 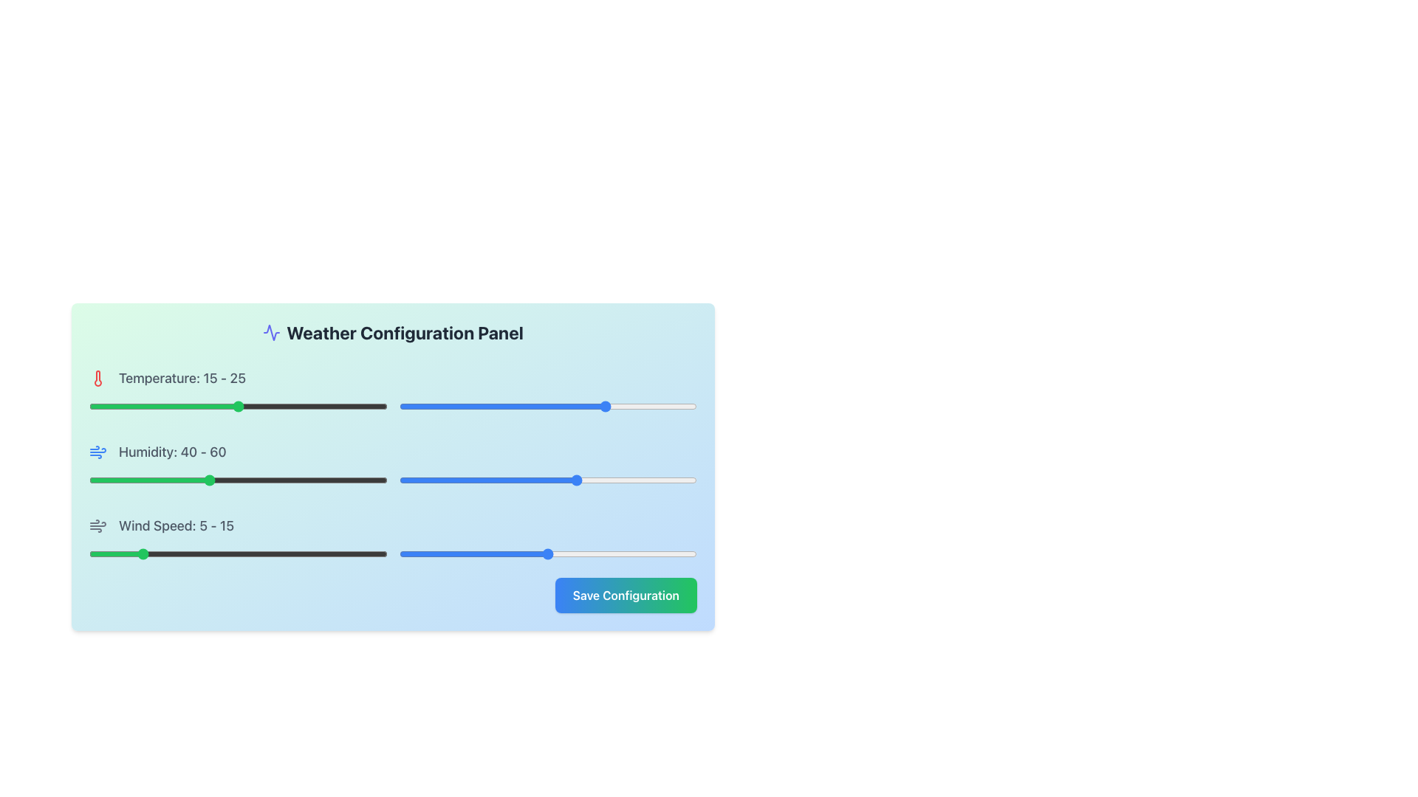 I want to click on the temperature range sliders in the weather configuration setting component to adjust the temperature values, so click(x=393, y=389).